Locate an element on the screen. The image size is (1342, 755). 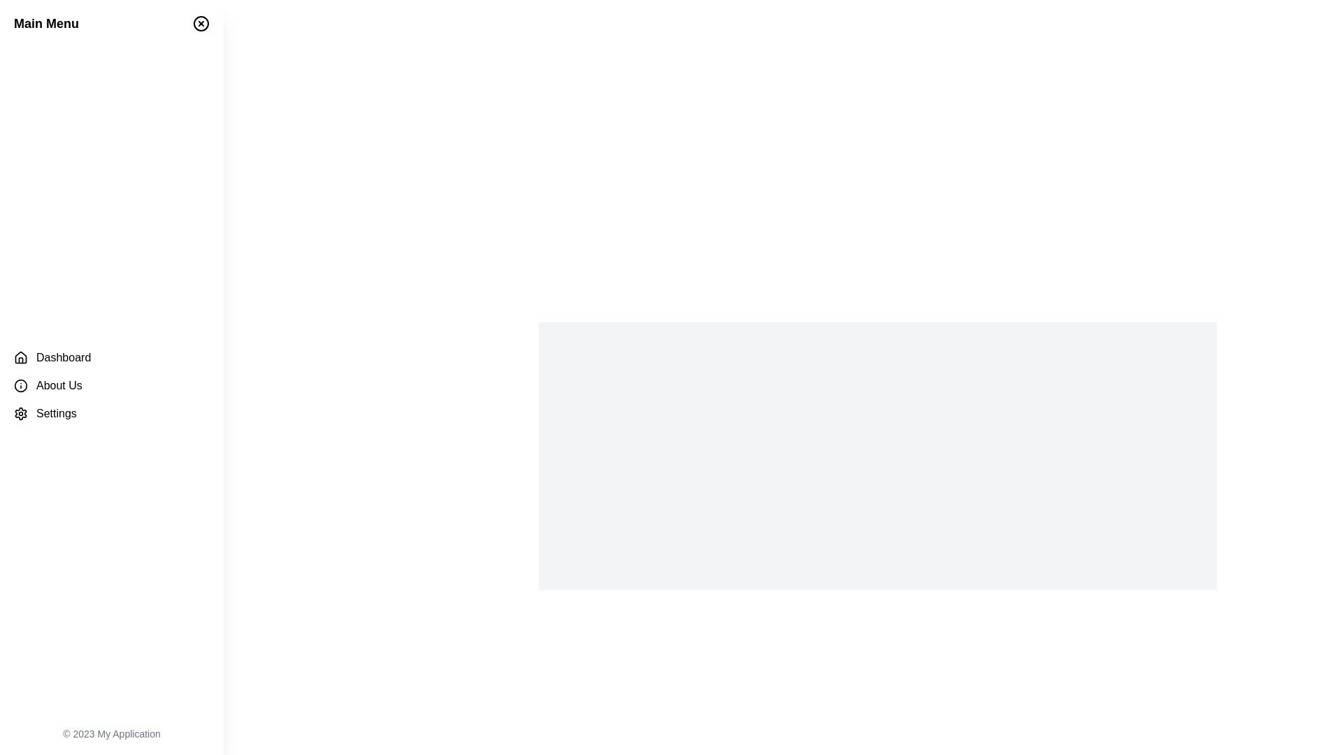
the icon representing the settings functionality located in the first position of the 'Settings' row, which is above the 'Settings' text and below 'About Us' is located at coordinates (20, 412).